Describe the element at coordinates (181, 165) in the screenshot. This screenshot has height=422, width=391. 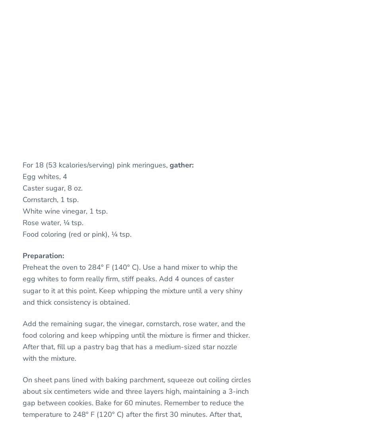
I see `'gather:'` at that location.